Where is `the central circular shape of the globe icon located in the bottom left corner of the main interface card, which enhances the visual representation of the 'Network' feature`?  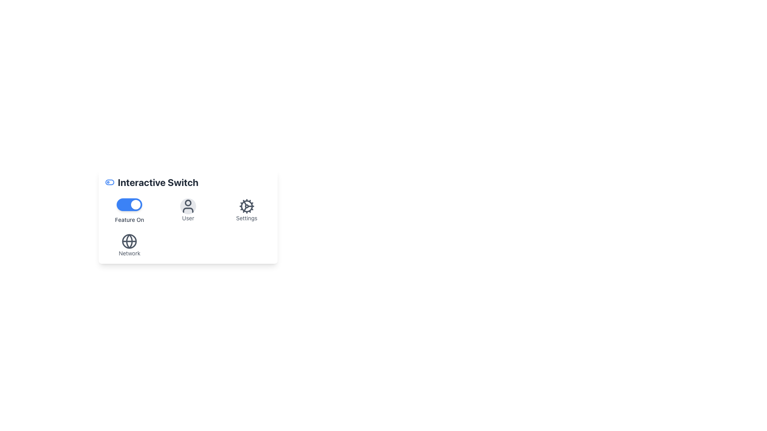 the central circular shape of the globe icon located in the bottom left corner of the main interface card, which enhances the visual representation of the 'Network' feature is located at coordinates (129, 241).